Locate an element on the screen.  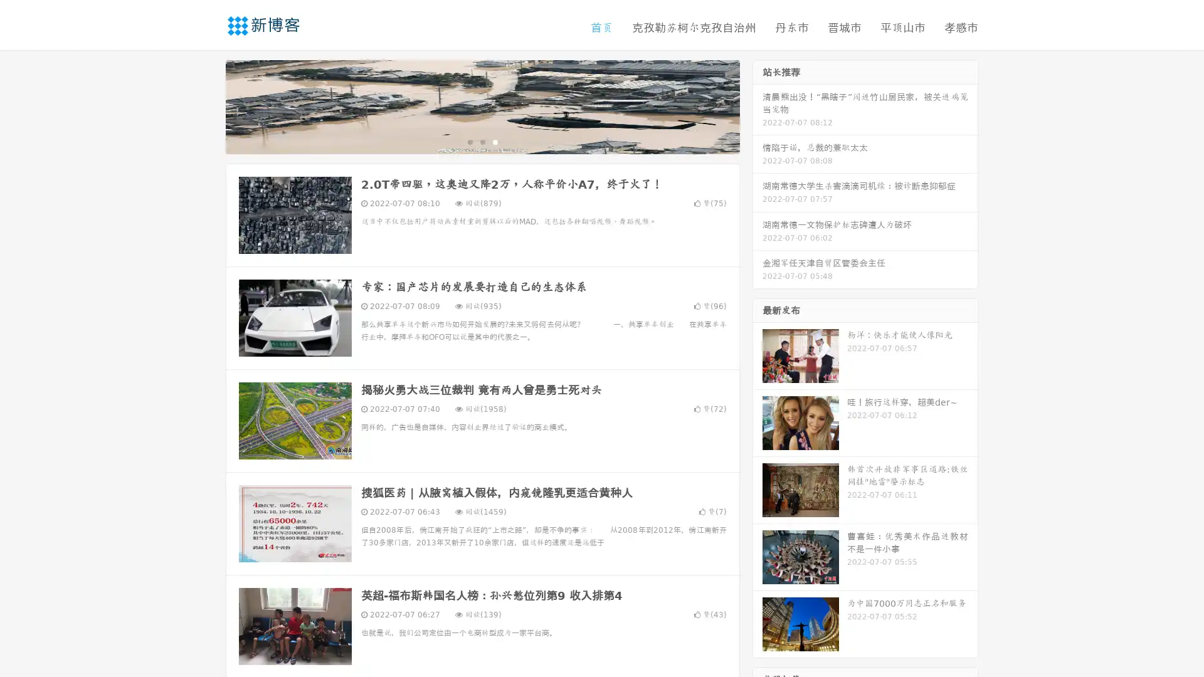
Go to slide 2 is located at coordinates (482, 141).